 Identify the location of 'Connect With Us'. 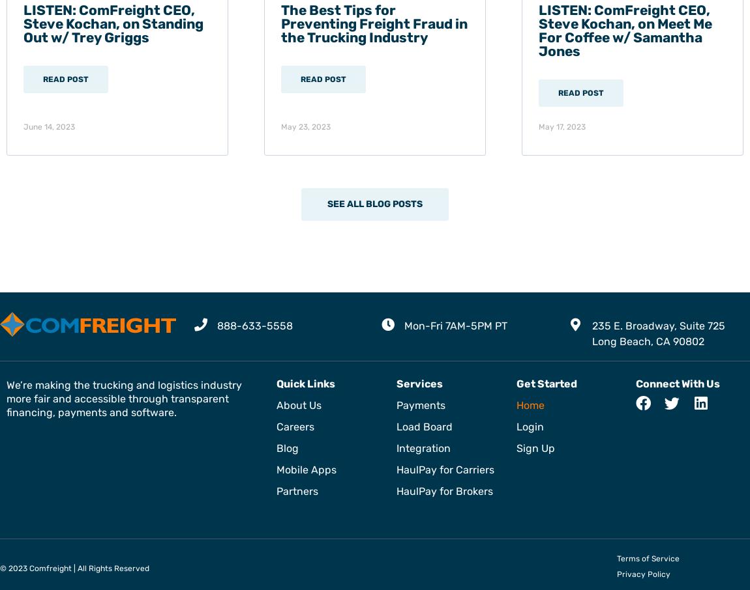
(678, 383).